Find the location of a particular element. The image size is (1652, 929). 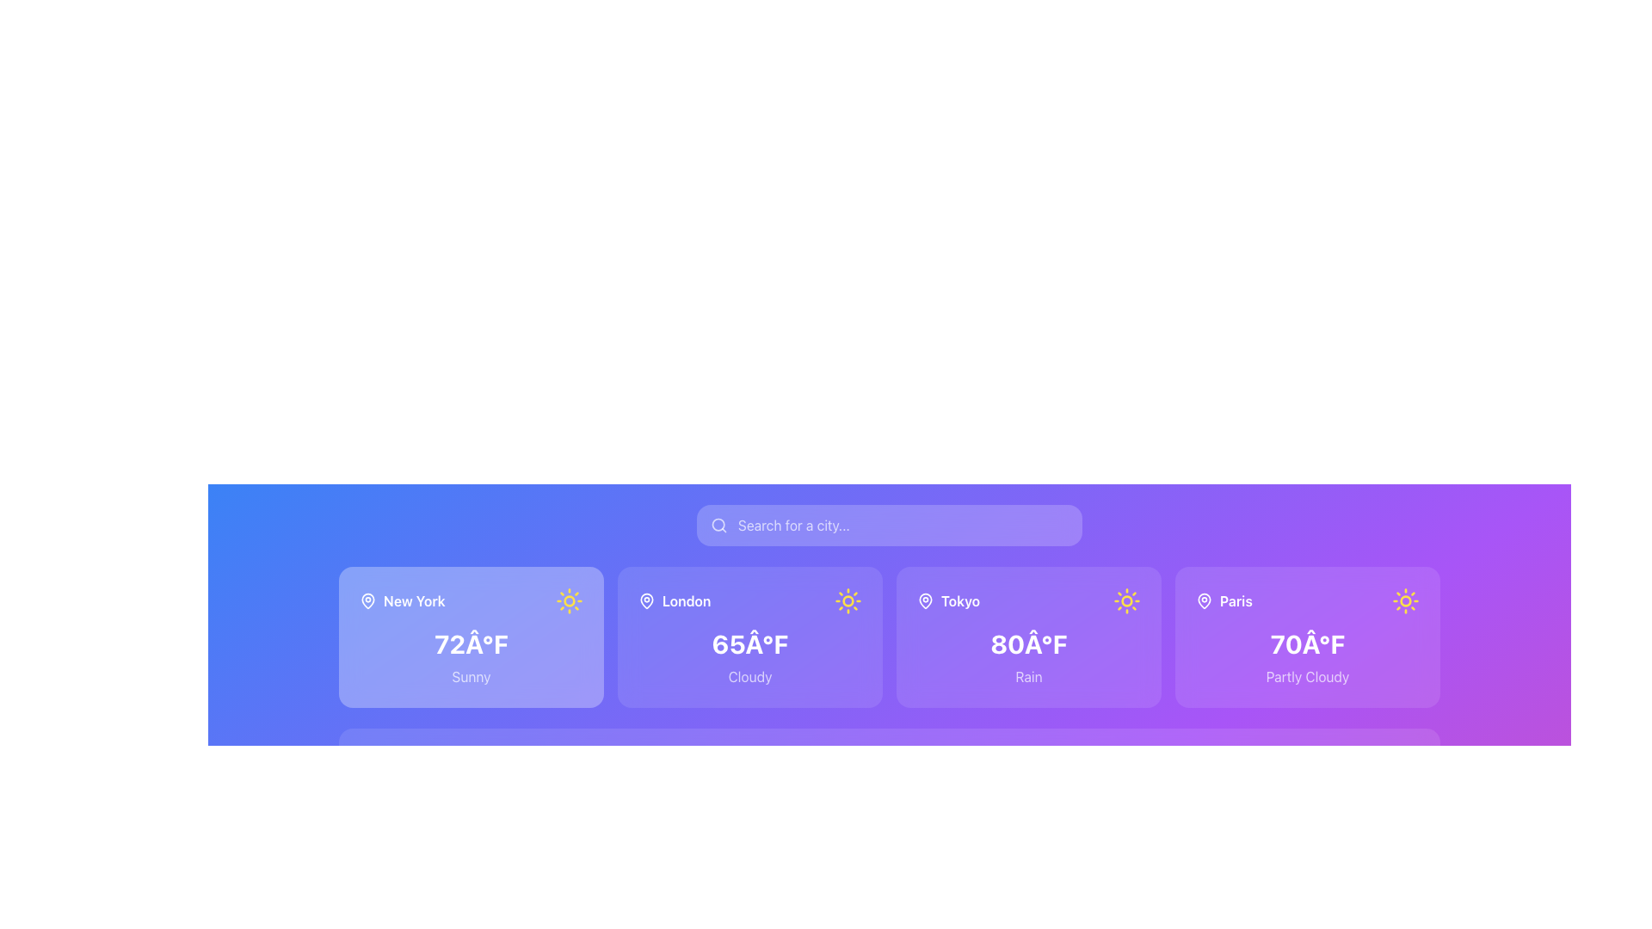

the alignment of the 'Sunny' text label, which is located below the temperature display in the weather information card for New York is located at coordinates (471, 675).